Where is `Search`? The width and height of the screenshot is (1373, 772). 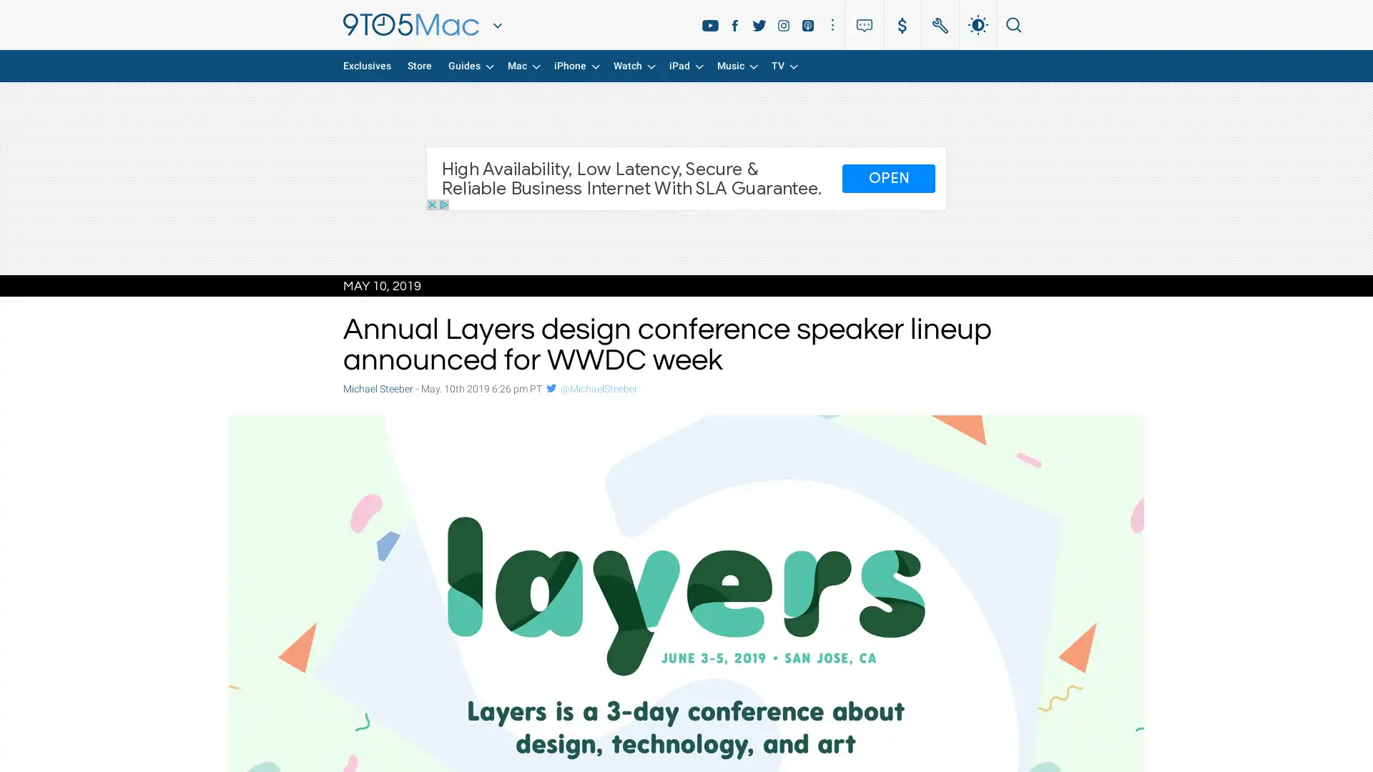 Search is located at coordinates (1004, 25).